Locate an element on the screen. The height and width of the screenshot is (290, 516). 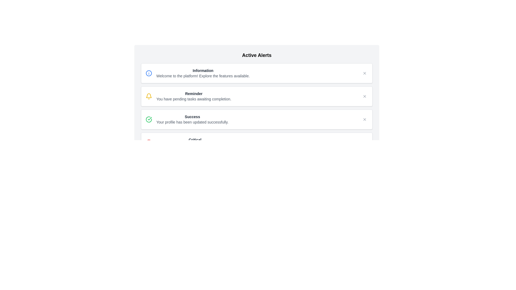
the close button ('X') icon located on the right side of the alert box that indicates 'Success: Your profile has been updated successfully.' is located at coordinates (365, 119).